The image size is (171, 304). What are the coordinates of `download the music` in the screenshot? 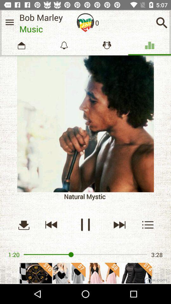 It's located at (23, 225).